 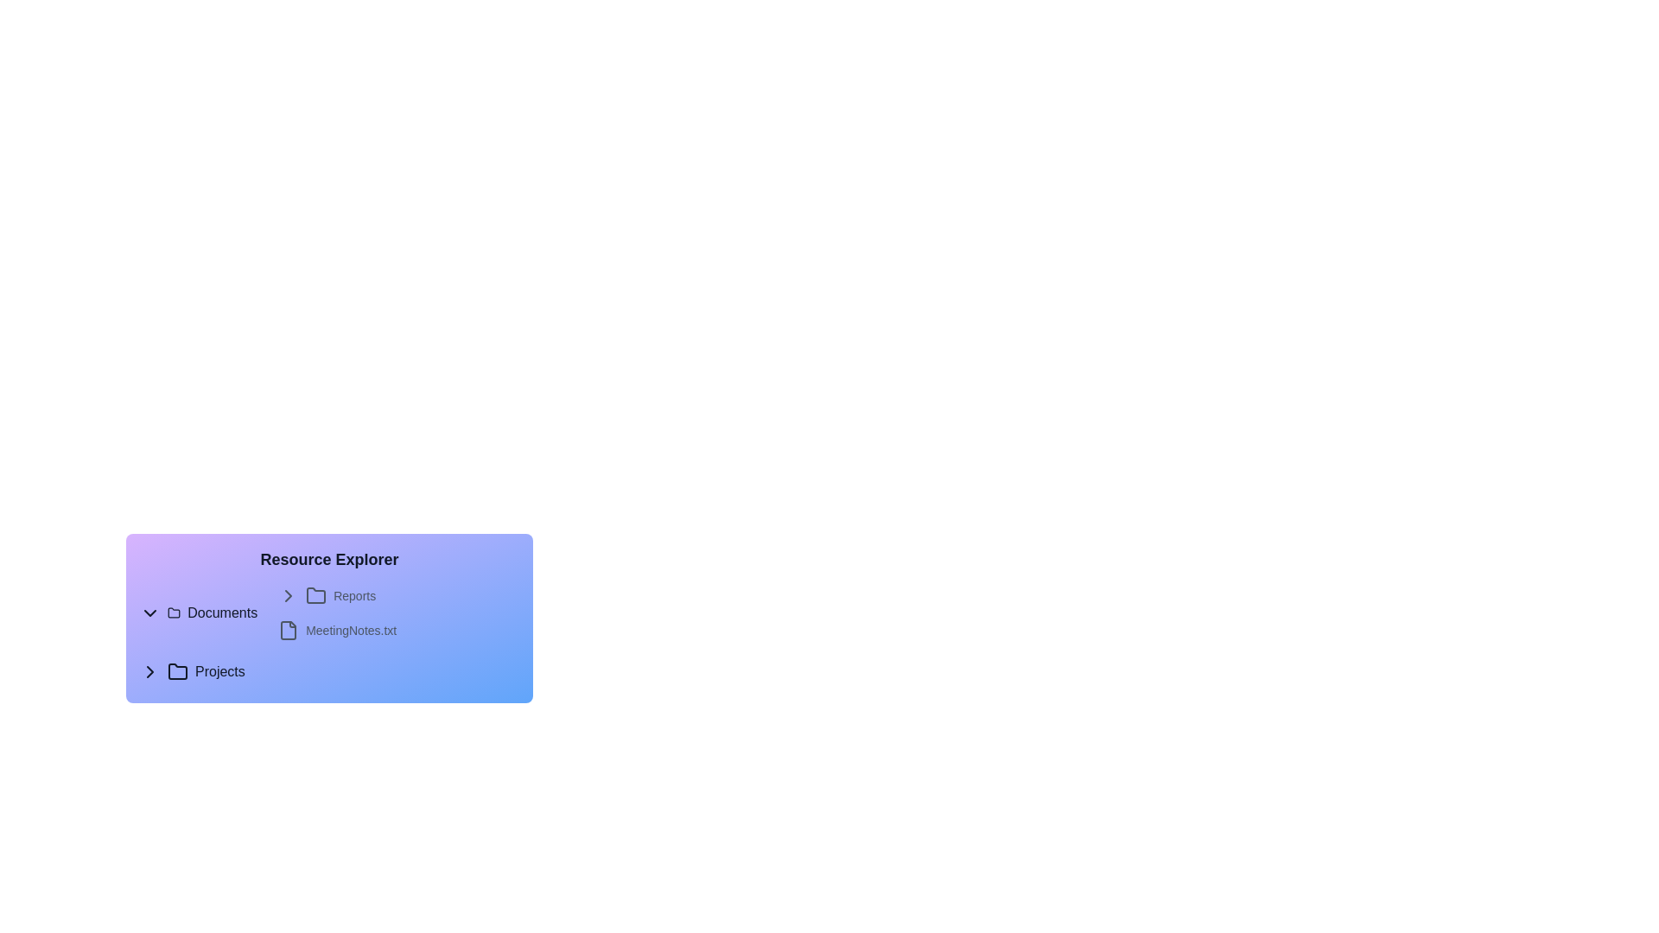 I want to click on the folder icon located in the 'Resource Explorer' section, slightly to the left of the 'Projects' label, so click(x=178, y=670).